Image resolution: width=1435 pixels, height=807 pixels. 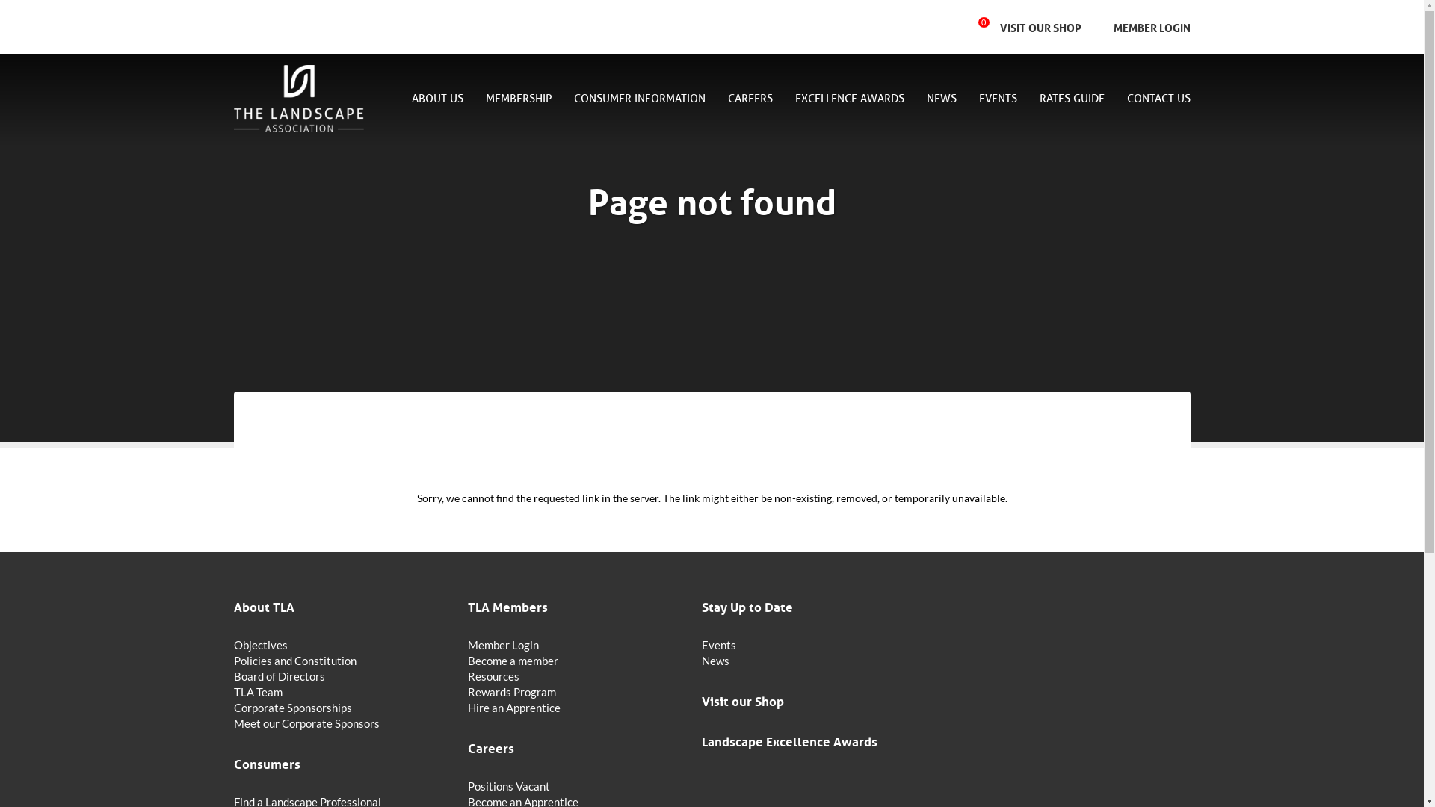 I want to click on 'TLA Team', so click(x=232, y=692).